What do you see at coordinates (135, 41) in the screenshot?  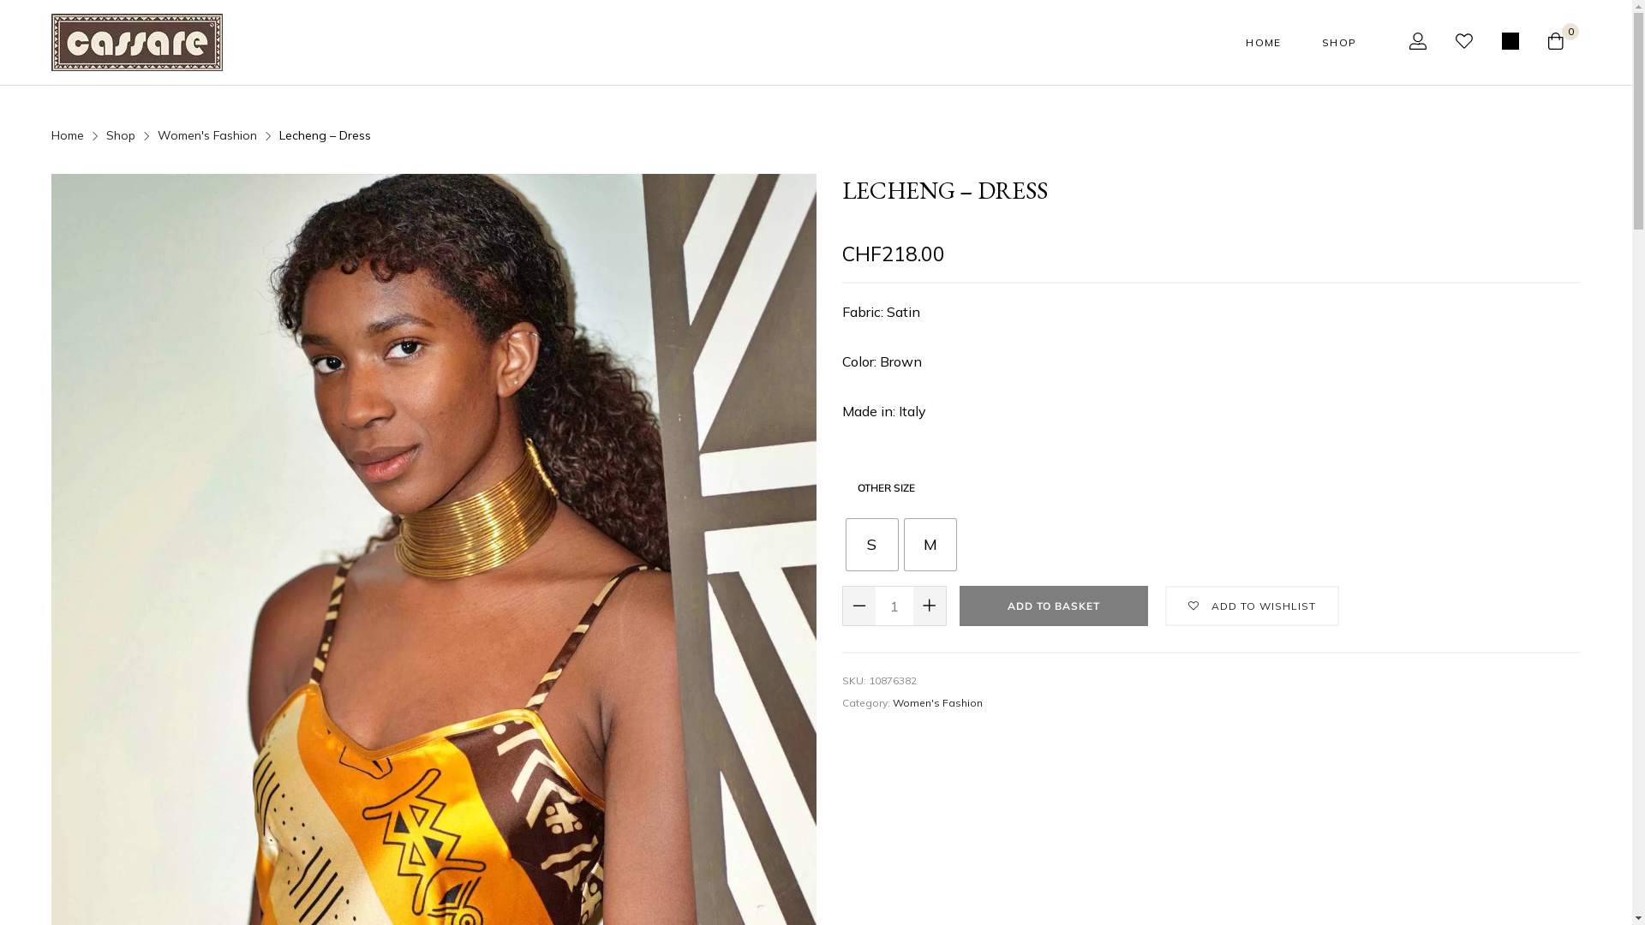 I see `'Cassare'` at bounding box center [135, 41].